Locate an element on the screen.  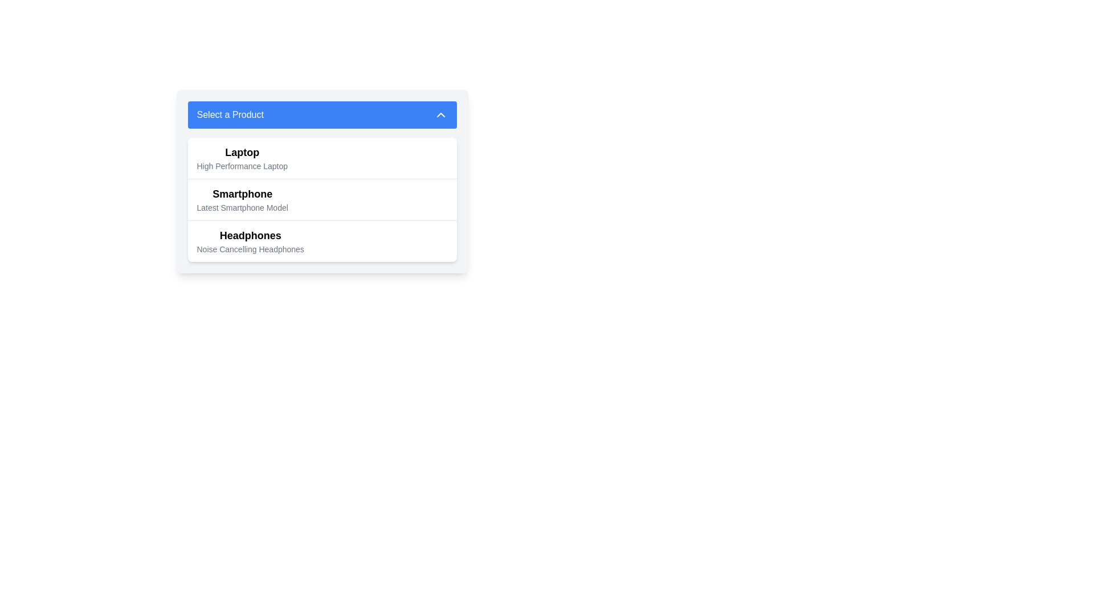
the selectable product entry labeled 'Laptop' in the dropdown list is located at coordinates (321, 158).